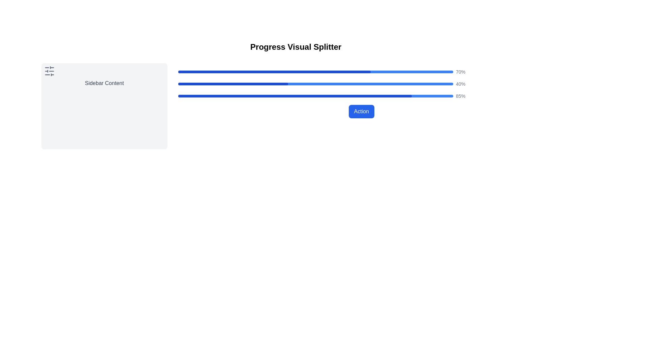 The height and width of the screenshot is (363, 647). I want to click on the settings adjustment icon located in the upper-left corner of the sidebar section labeled 'Sidebar Content', so click(49, 71).